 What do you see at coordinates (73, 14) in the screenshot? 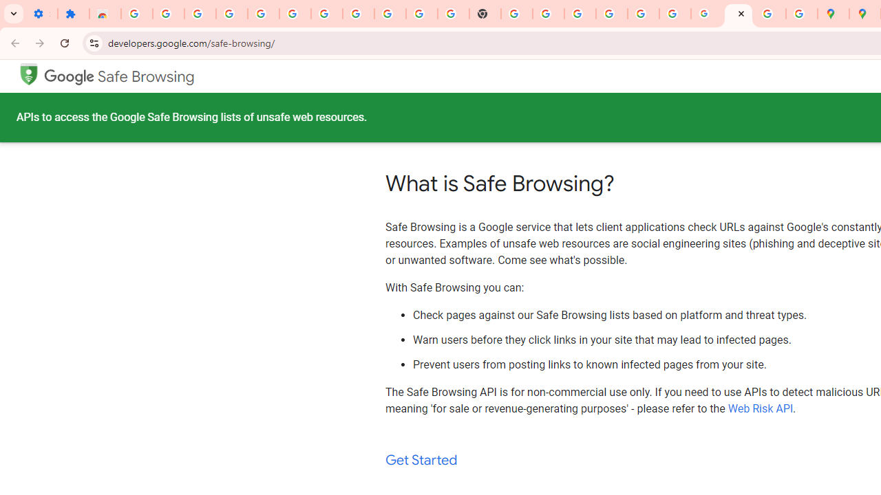
I see `'Extensions'` at bounding box center [73, 14].